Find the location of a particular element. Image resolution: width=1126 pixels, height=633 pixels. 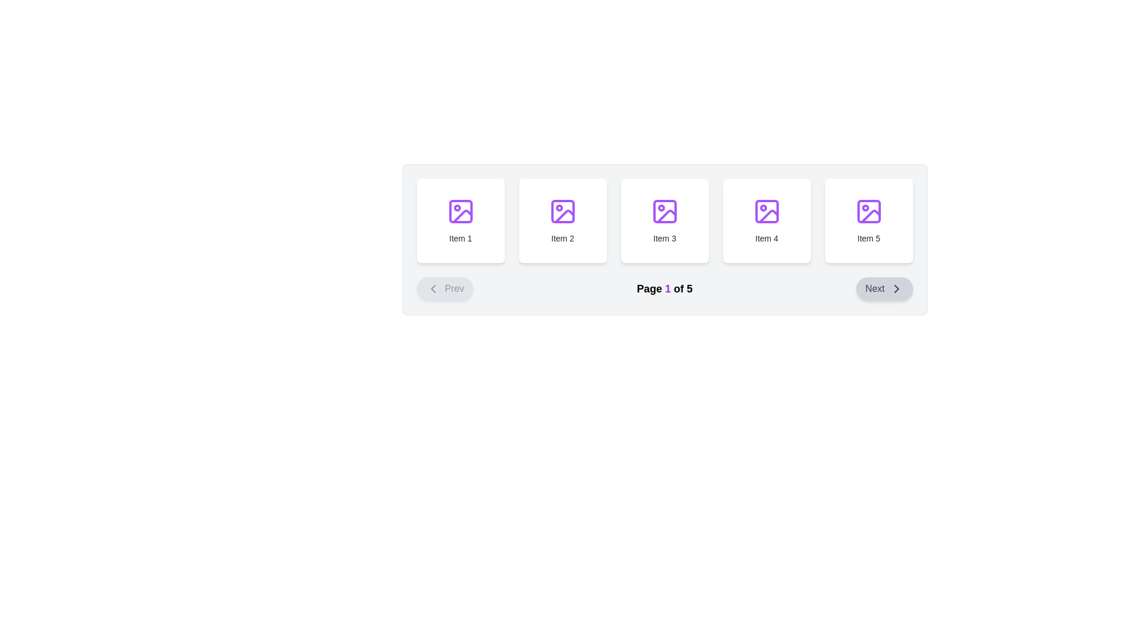

the current page number text element which displays 'Page 1 of 5' located at the bottom section of the interface is located at coordinates (667, 289).